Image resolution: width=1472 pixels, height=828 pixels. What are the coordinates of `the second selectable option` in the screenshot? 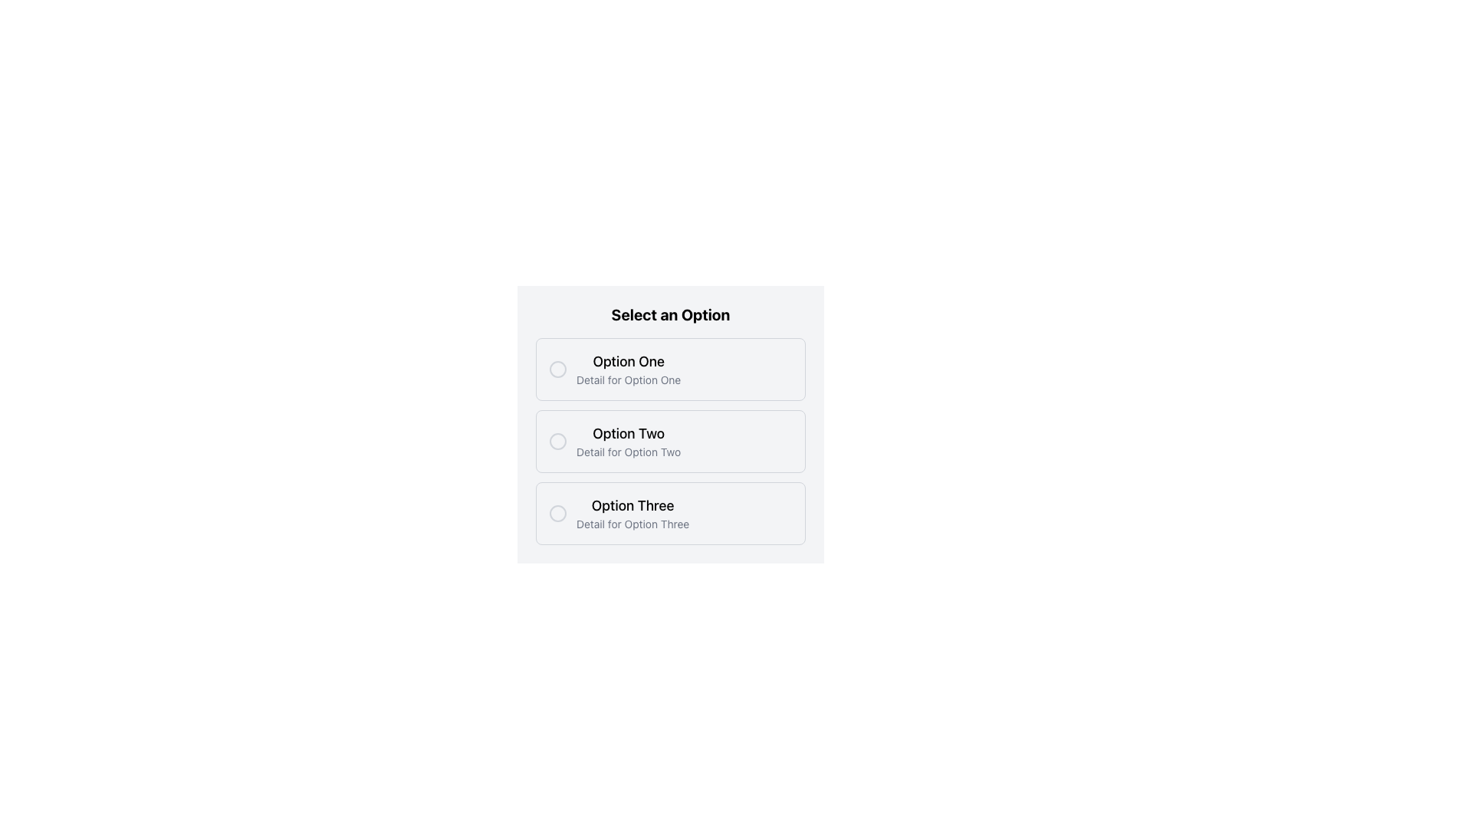 It's located at (629, 441).